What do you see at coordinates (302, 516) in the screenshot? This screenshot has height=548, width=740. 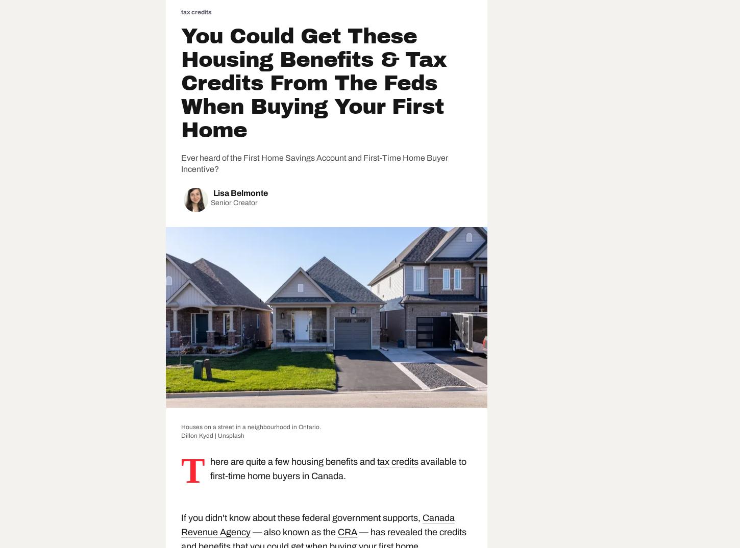 I see `'If you didn't know about these federal government supports,'` at bounding box center [302, 516].